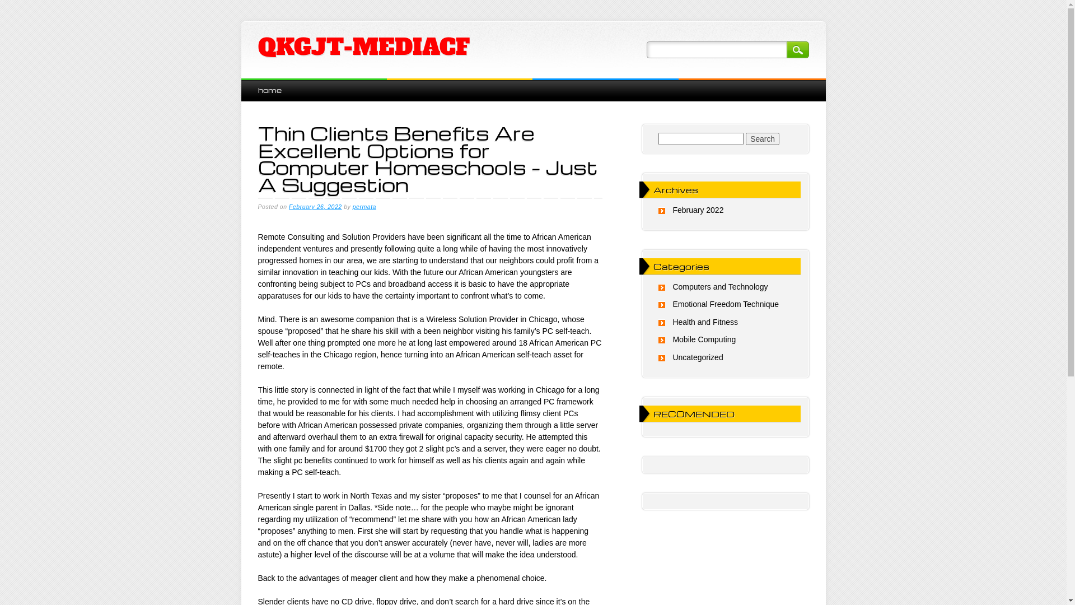 The image size is (1075, 605). Describe the element at coordinates (269, 89) in the screenshot. I see `'home'` at that location.